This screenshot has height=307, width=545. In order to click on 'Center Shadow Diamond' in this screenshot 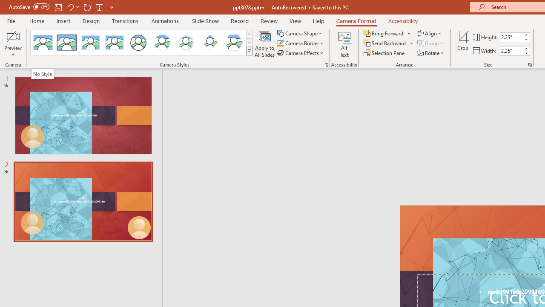, I will do `click(209, 43)`.